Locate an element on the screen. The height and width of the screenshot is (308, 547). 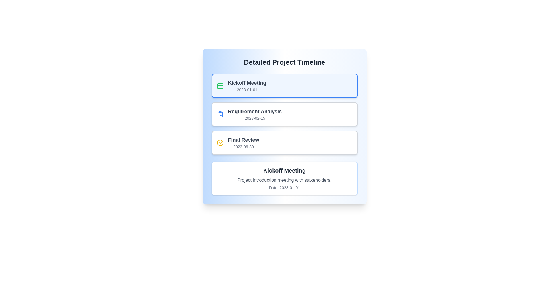
the 'Final Review' milestone icon located within the third card of the project timeline, which indicates that the milestone has been marked as completed or verified is located at coordinates (220, 143).